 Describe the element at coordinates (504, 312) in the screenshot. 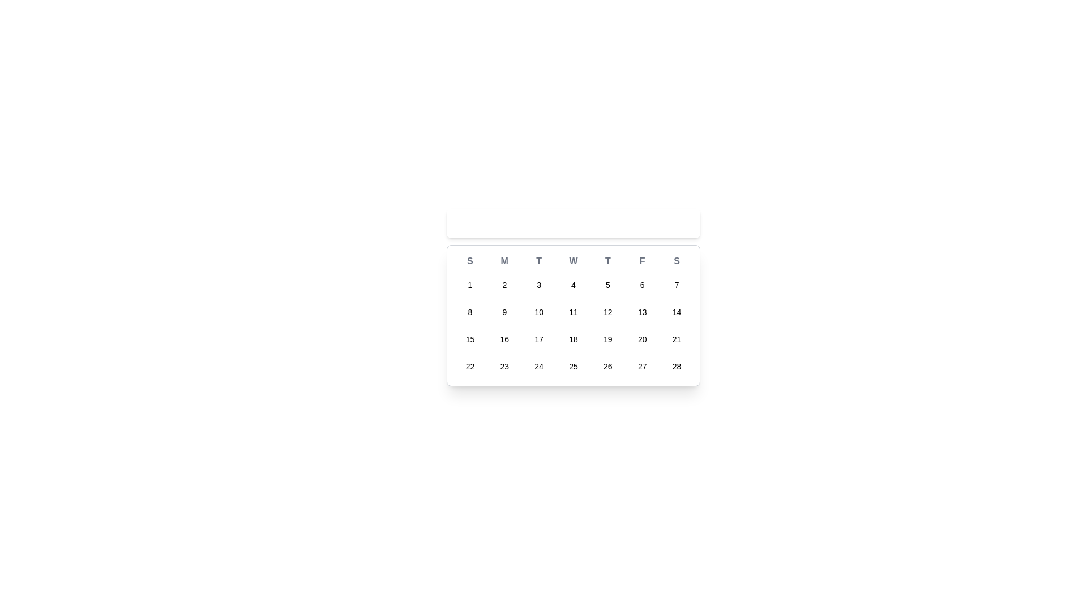

I see `the button displaying '9' in the calendar grid` at that location.